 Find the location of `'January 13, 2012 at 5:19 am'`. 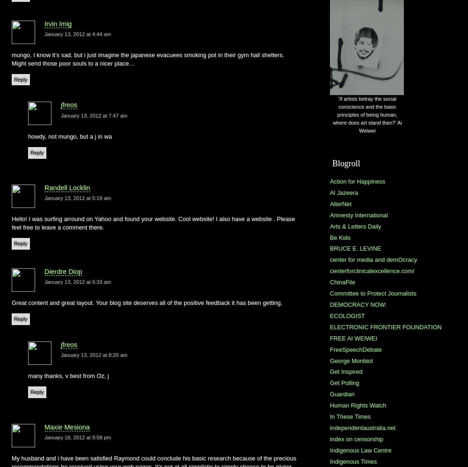

'January 13, 2012 at 5:19 am' is located at coordinates (44, 197).